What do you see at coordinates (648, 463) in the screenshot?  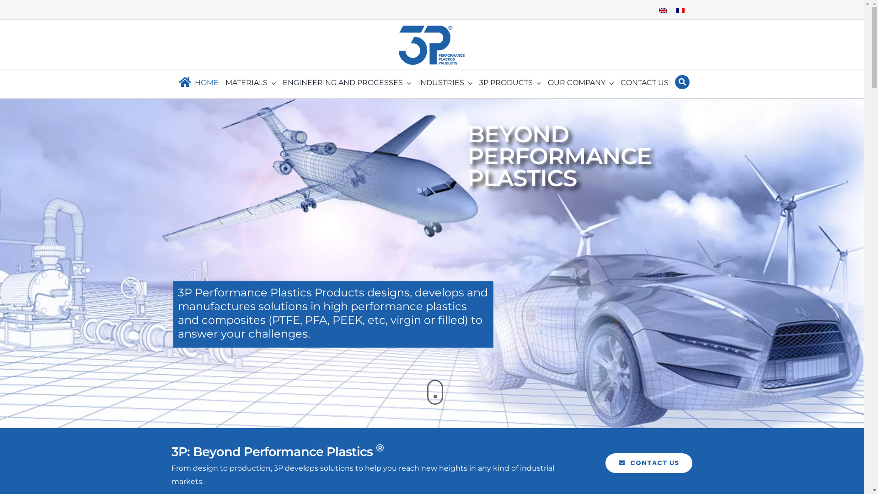 I see `'CONTACT US'` at bounding box center [648, 463].